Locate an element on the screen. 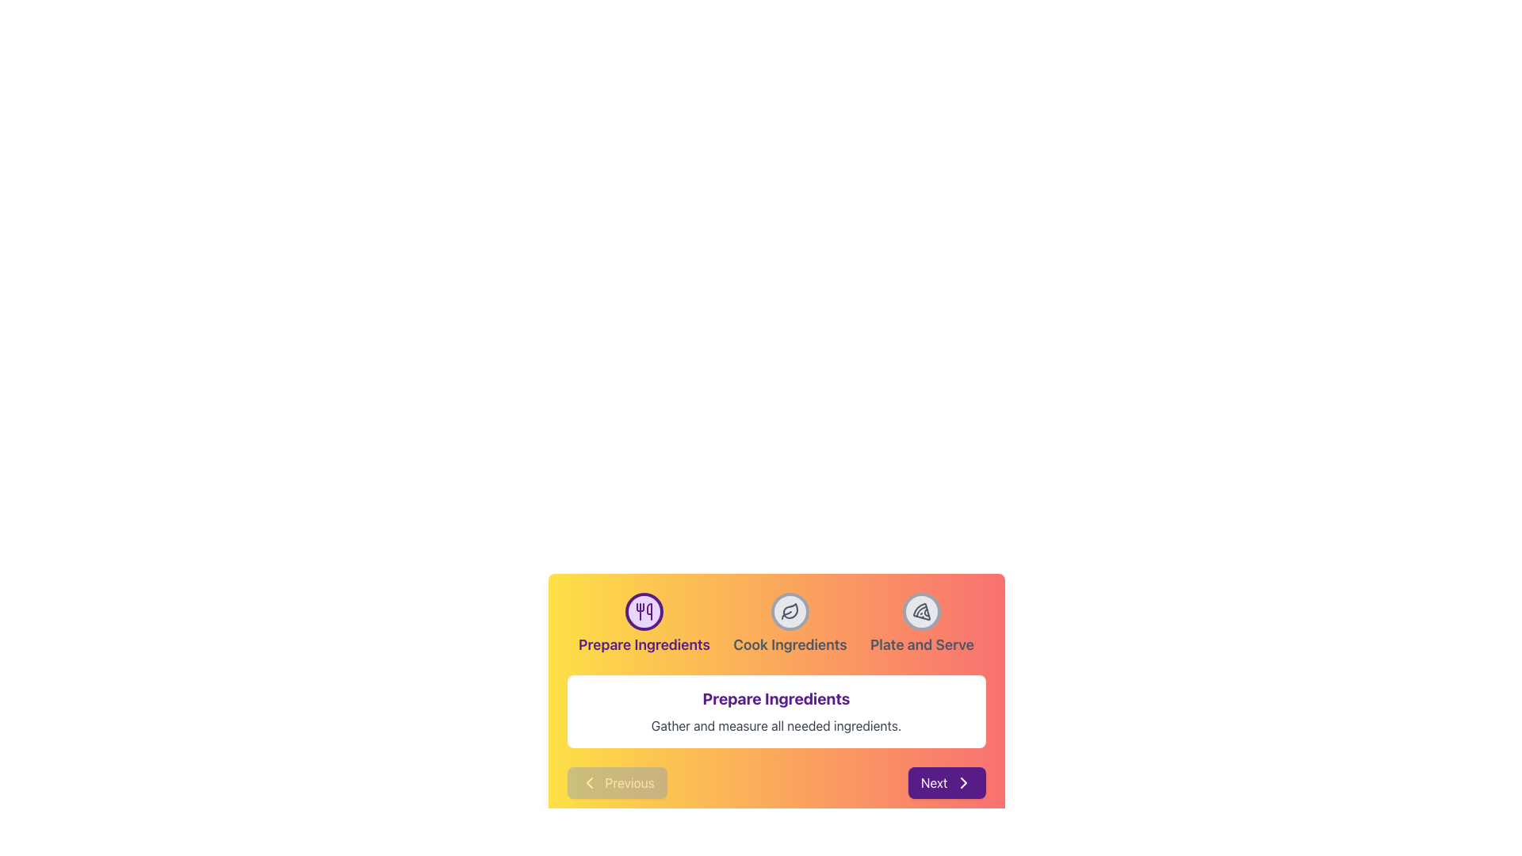 The height and width of the screenshot is (856, 1522). text of the 'Cook Ingredients' label, which is a bold, large-sized text centrally placed under a leaf icon and positioned between 'Prepare Ingredients' and 'Plate and Serve' is located at coordinates (790, 644).